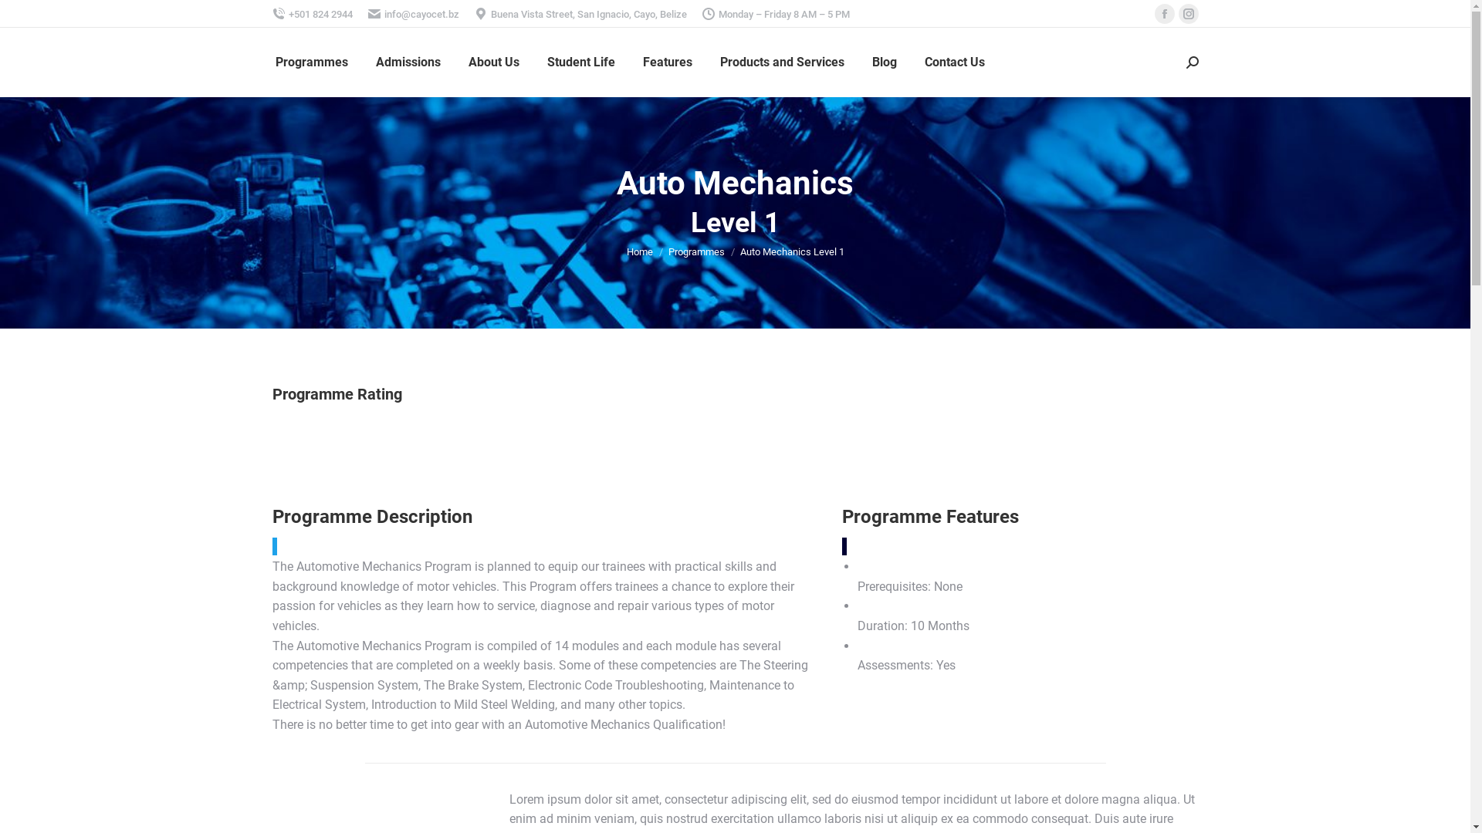 This screenshot has height=833, width=1482. What do you see at coordinates (695, 251) in the screenshot?
I see `'Programmes'` at bounding box center [695, 251].